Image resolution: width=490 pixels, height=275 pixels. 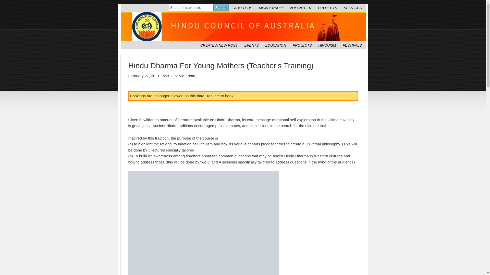 What do you see at coordinates (219, 45) in the screenshot?
I see `'CREATE A NEW POST'` at bounding box center [219, 45].